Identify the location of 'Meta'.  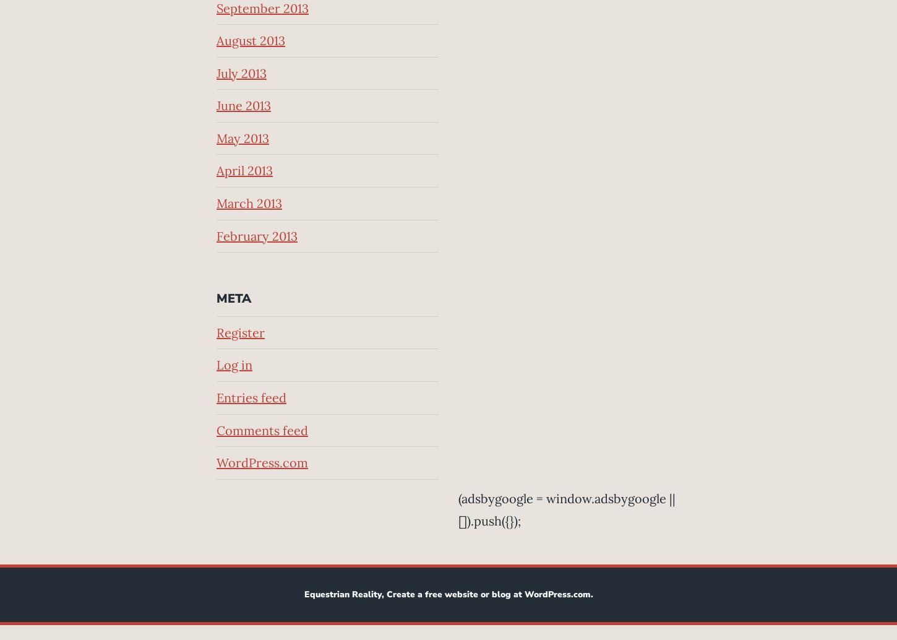
(233, 298).